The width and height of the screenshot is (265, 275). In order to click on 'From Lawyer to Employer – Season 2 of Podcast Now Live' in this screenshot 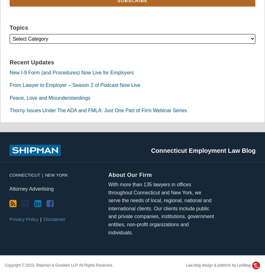, I will do `click(75, 85)`.